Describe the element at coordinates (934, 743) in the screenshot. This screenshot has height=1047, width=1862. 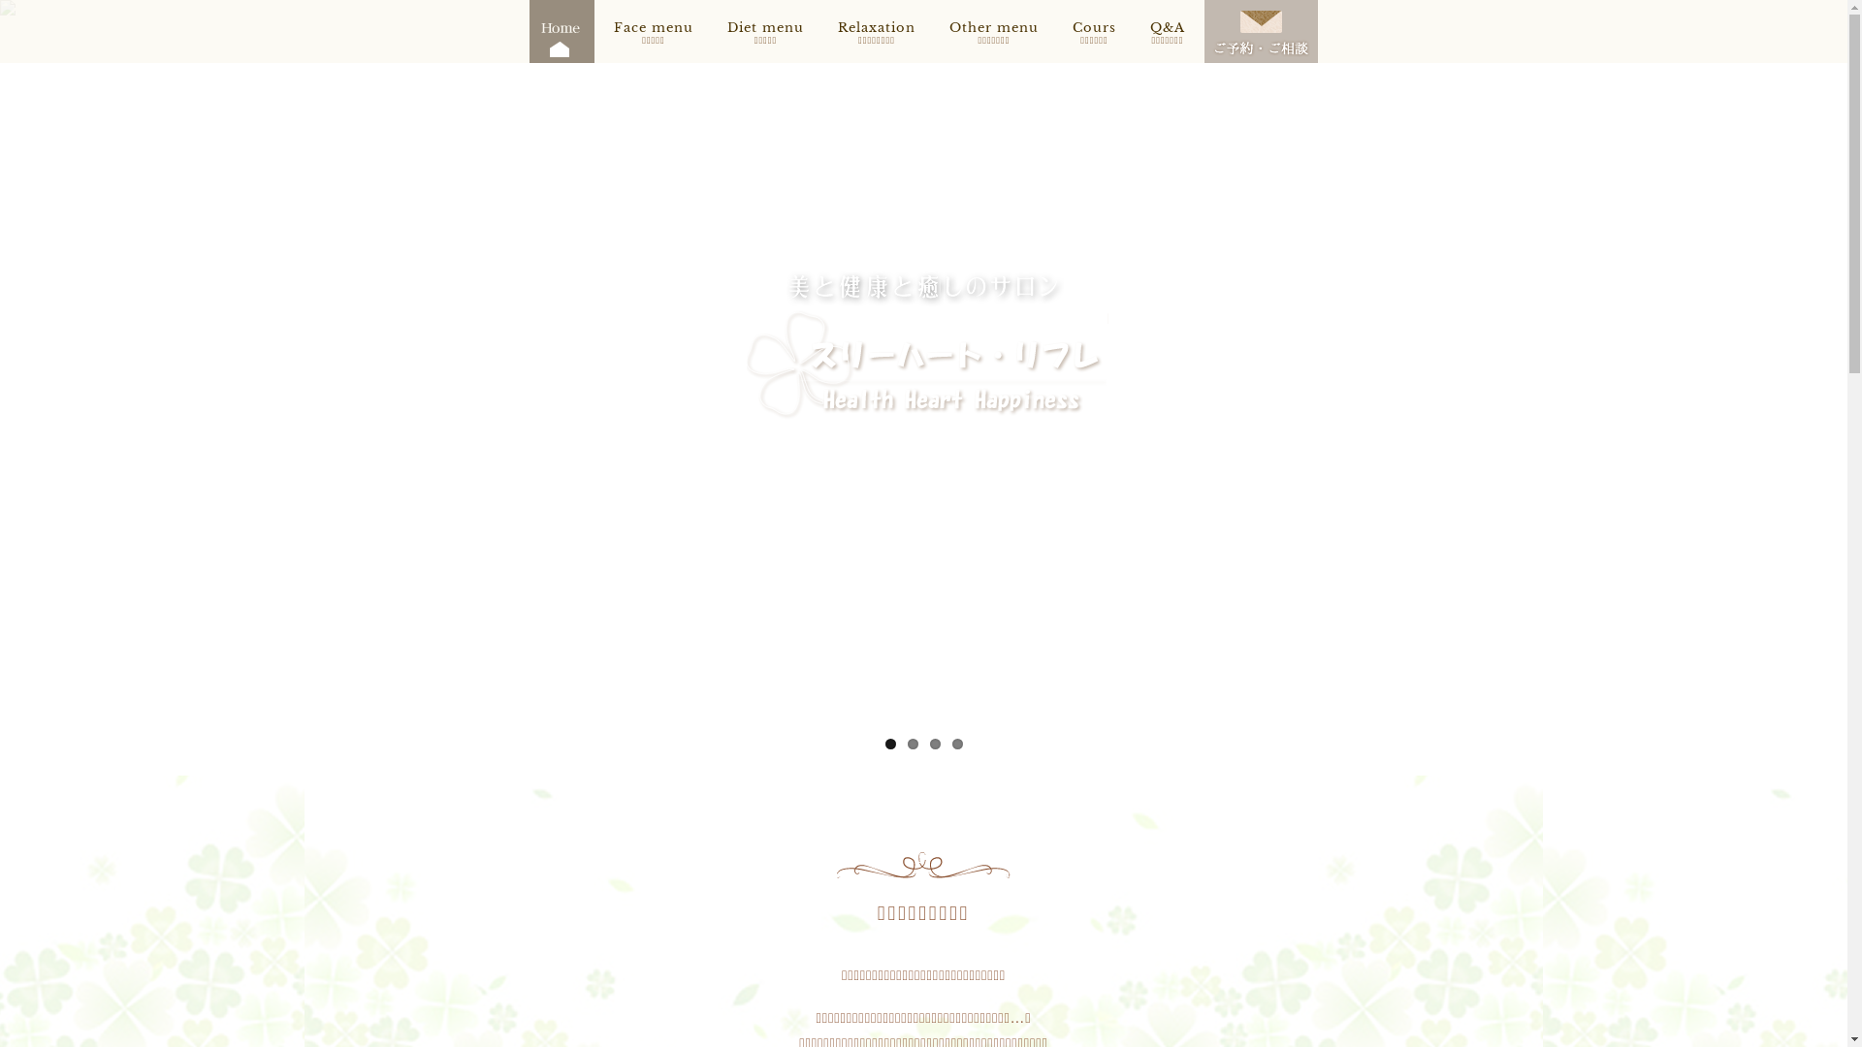
I see `'3'` at that location.